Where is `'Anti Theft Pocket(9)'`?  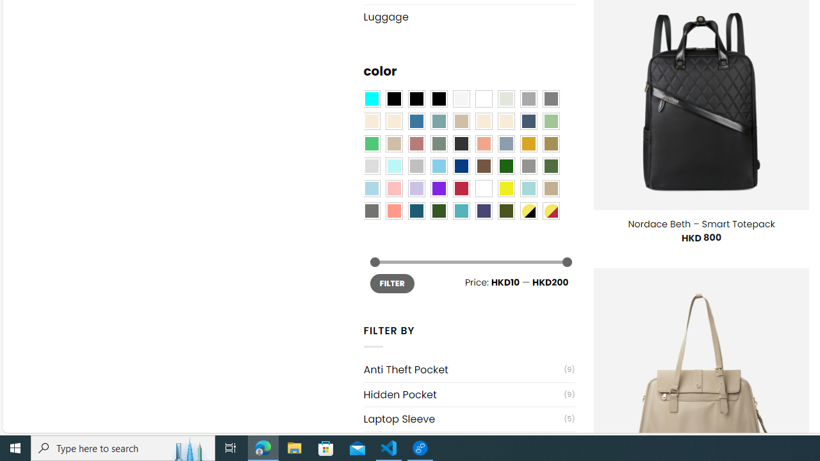
'Anti Theft Pocket(9)' is located at coordinates (468, 369).